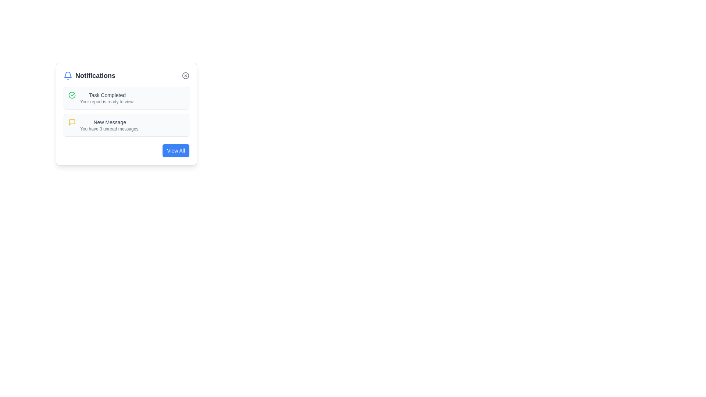  Describe the element at coordinates (109, 125) in the screenshot. I see `message content from the text block indicating the number of unread messages, located in the second notification card below 'Task Completed' and above 'View All'` at that location.